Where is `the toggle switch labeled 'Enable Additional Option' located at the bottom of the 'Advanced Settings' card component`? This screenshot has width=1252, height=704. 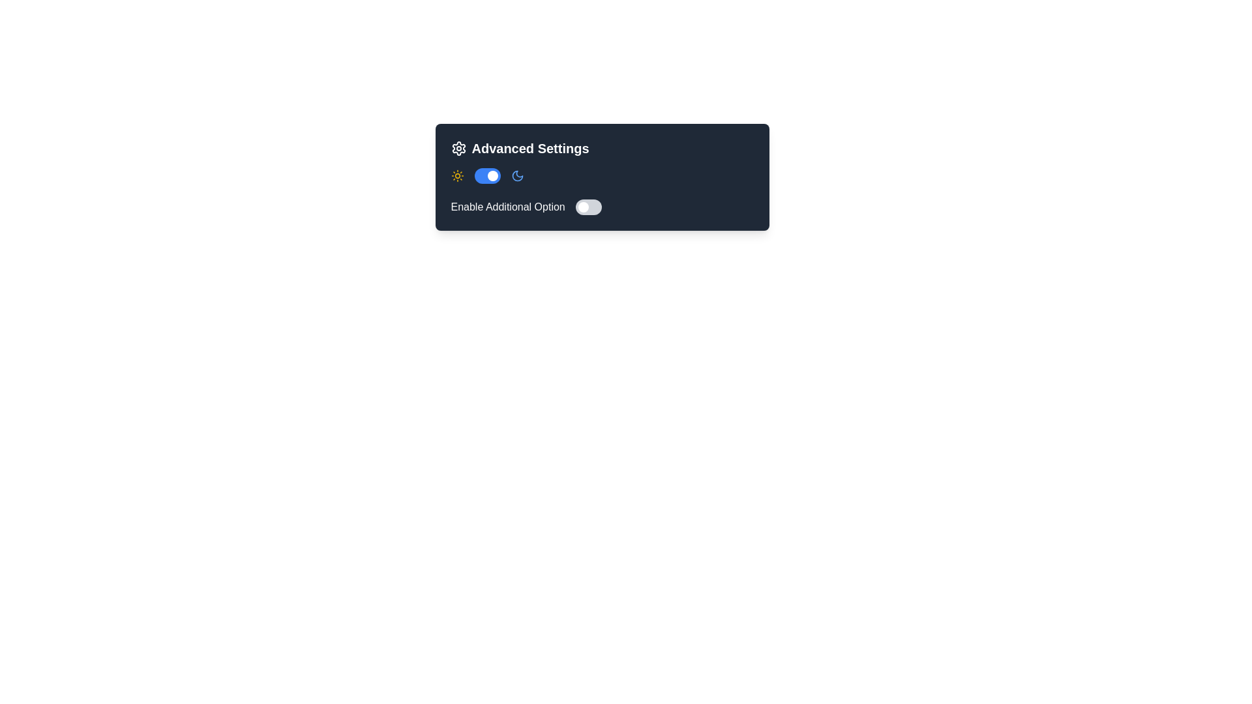 the toggle switch labeled 'Enable Additional Option' located at the bottom of the 'Advanced Settings' card component is located at coordinates (601, 206).